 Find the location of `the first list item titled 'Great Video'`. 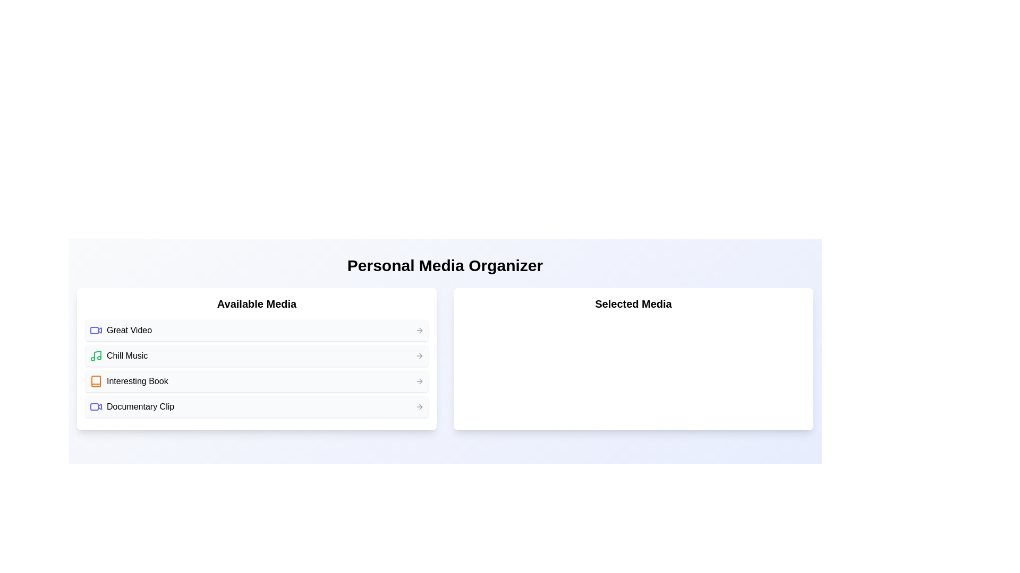

the first list item titled 'Great Video' is located at coordinates (257, 330).